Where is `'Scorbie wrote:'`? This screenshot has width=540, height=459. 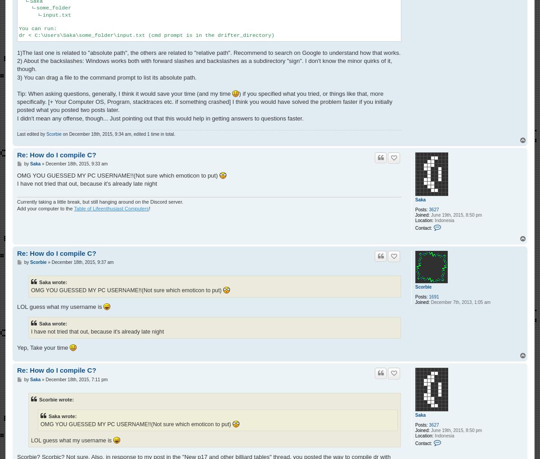 'Scorbie wrote:' is located at coordinates (56, 399).